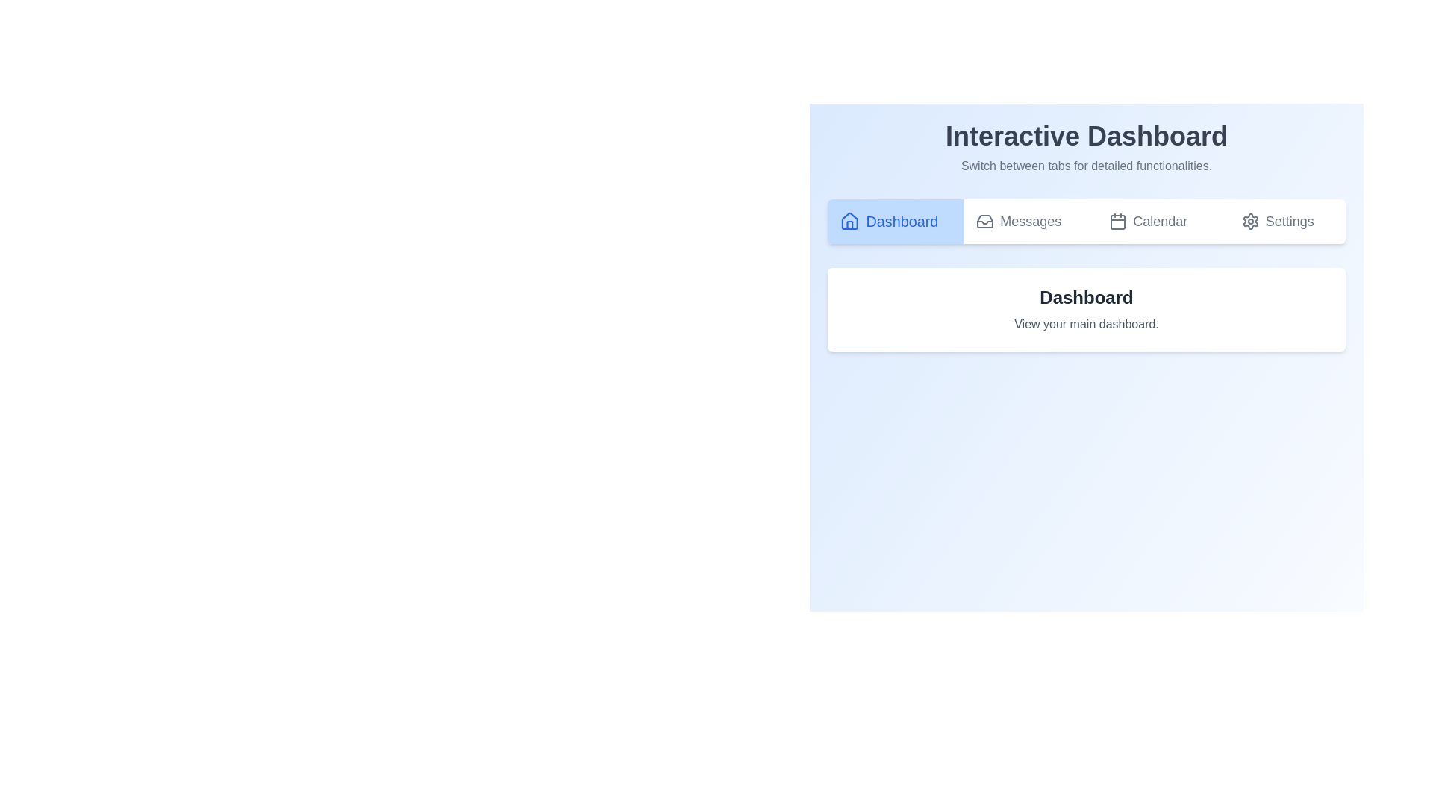 The height and width of the screenshot is (806, 1433). What do you see at coordinates (1250, 222) in the screenshot?
I see `the circular gear-shaped icon that is part of the 'Settings' button located on the right side of the top navigation bar` at bounding box center [1250, 222].